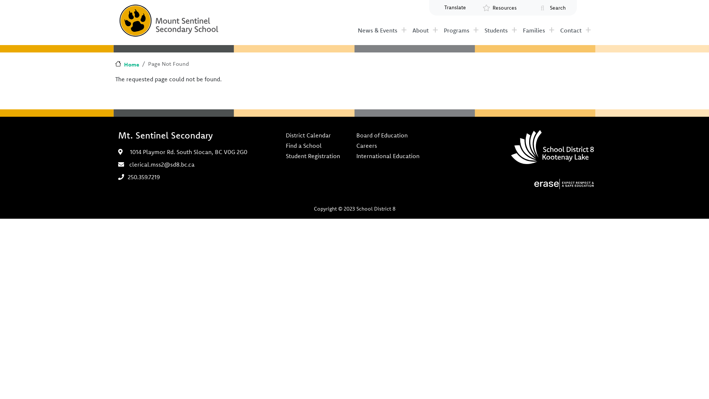  Describe the element at coordinates (285, 155) in the screenshot. I see `'Student Registration'` at that location.